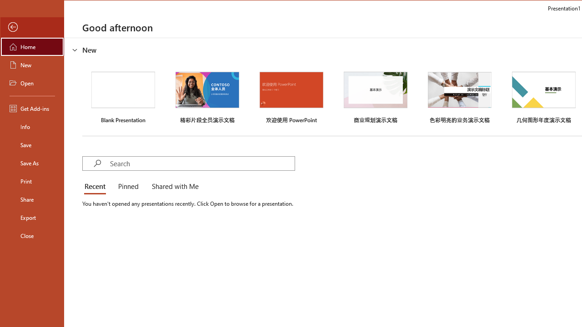  I want to click on 'Recent', so click(96, 186).